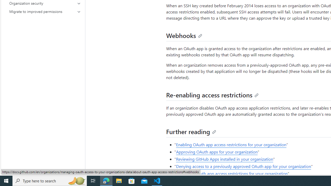 This screenshot has width=331, height=186. Describe the element at coordinates (191, 131) in the screenshot. I see `'Further reading'` at that location.